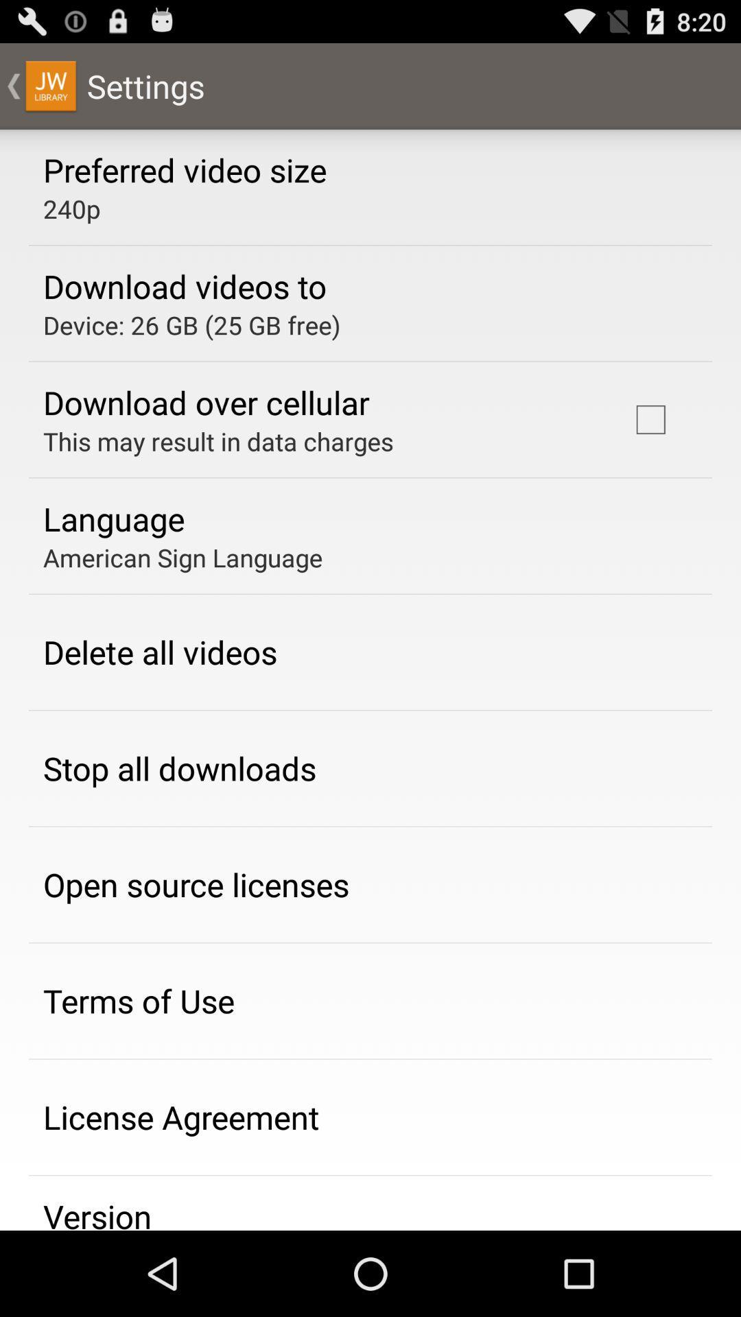 The width and height of the screenshot is (741, 1317). I want to click on app above the download videos to icon, so click(71, 208).